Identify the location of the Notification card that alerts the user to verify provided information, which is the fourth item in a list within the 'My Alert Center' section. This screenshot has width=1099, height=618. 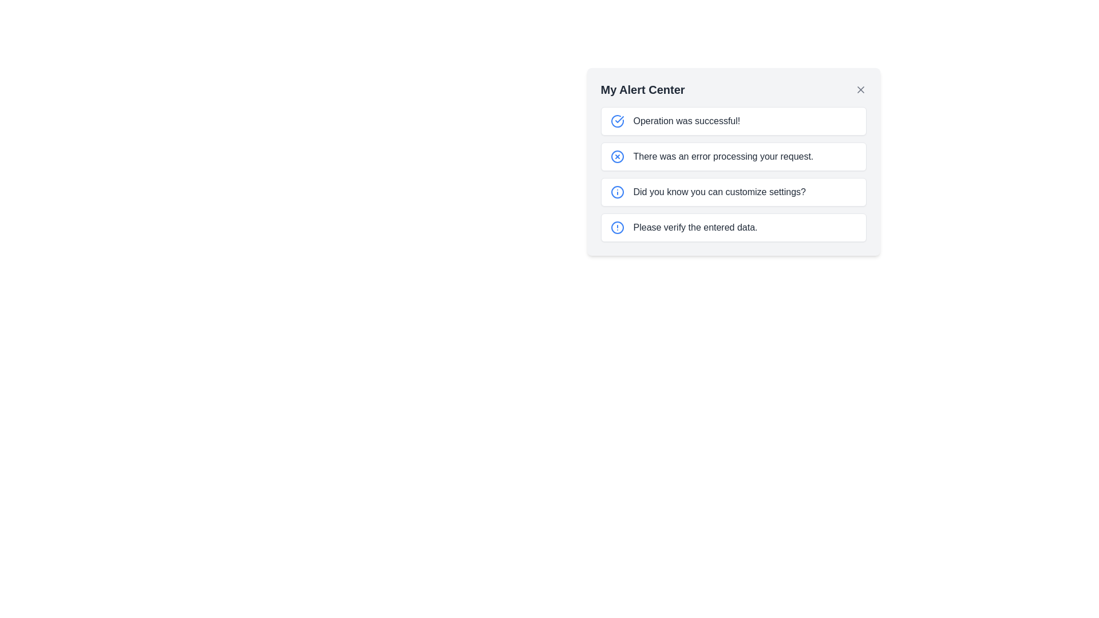
(733, 227).